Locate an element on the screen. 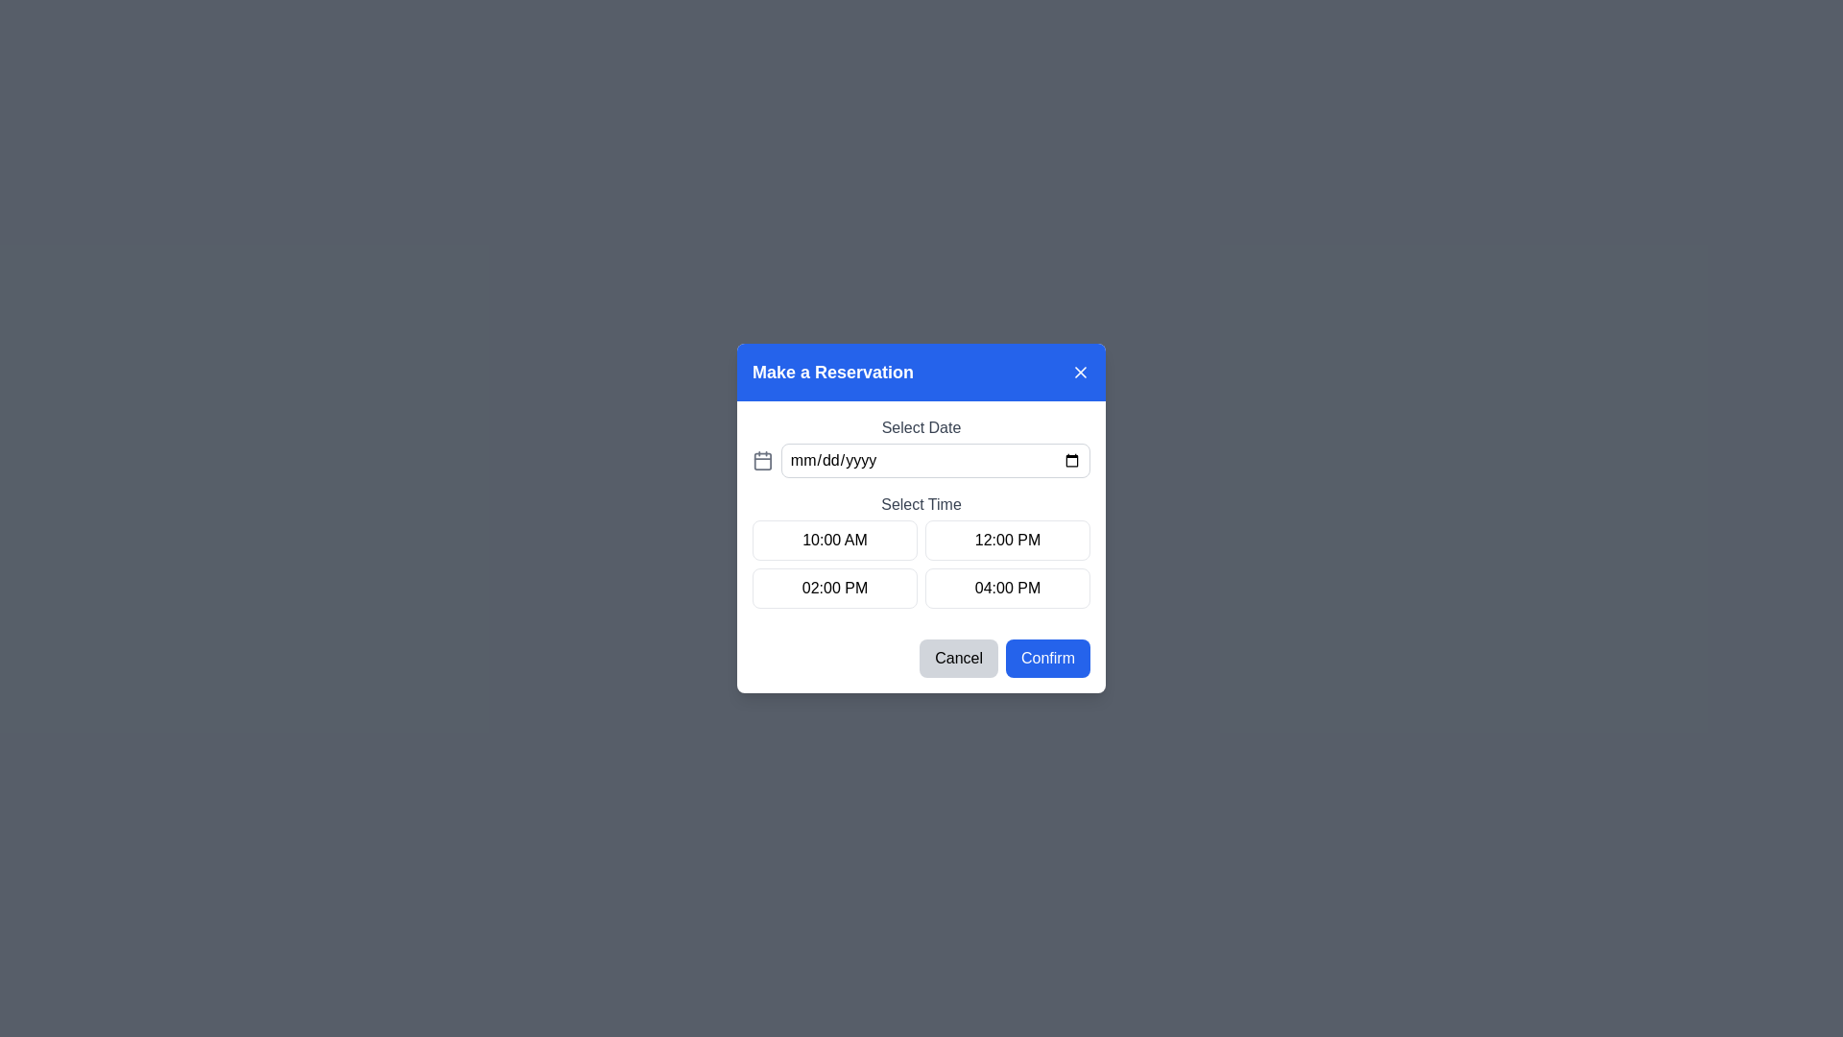 Image resolution: width=1843 pixels, height=1037 pixels. the cancel button located at the bottom of the modal dialog box to observe the hover effect is located at coordinates (959, 658).